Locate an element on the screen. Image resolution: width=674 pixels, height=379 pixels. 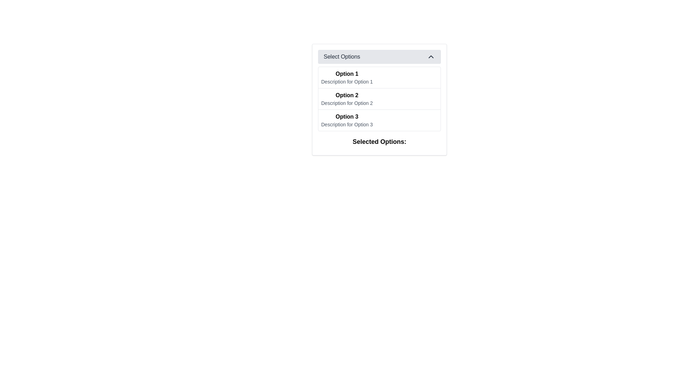
the third selectable list item labeled 'Option 3', which is styled to highlight on hover and contains a description below it is located at coordinates (379, 120).